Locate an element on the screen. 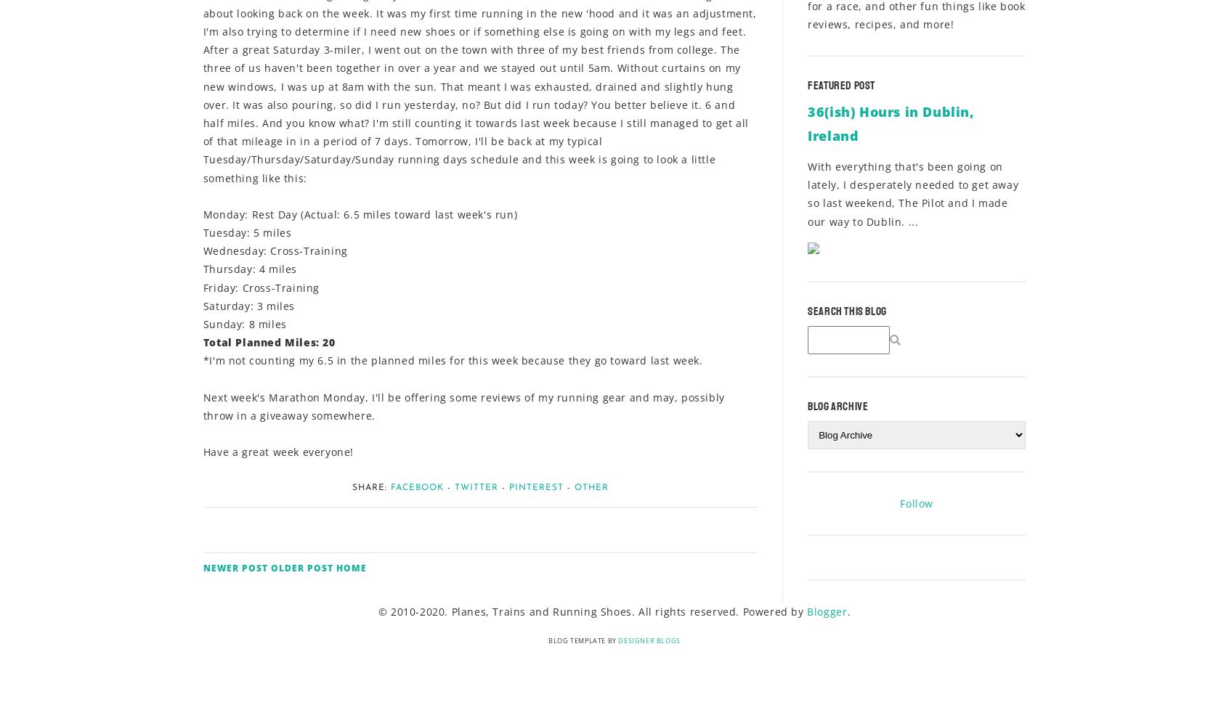 The width and height of the screenshot is (1229, 726). 'Designer Blogs' is located at coordinates (648, 640).